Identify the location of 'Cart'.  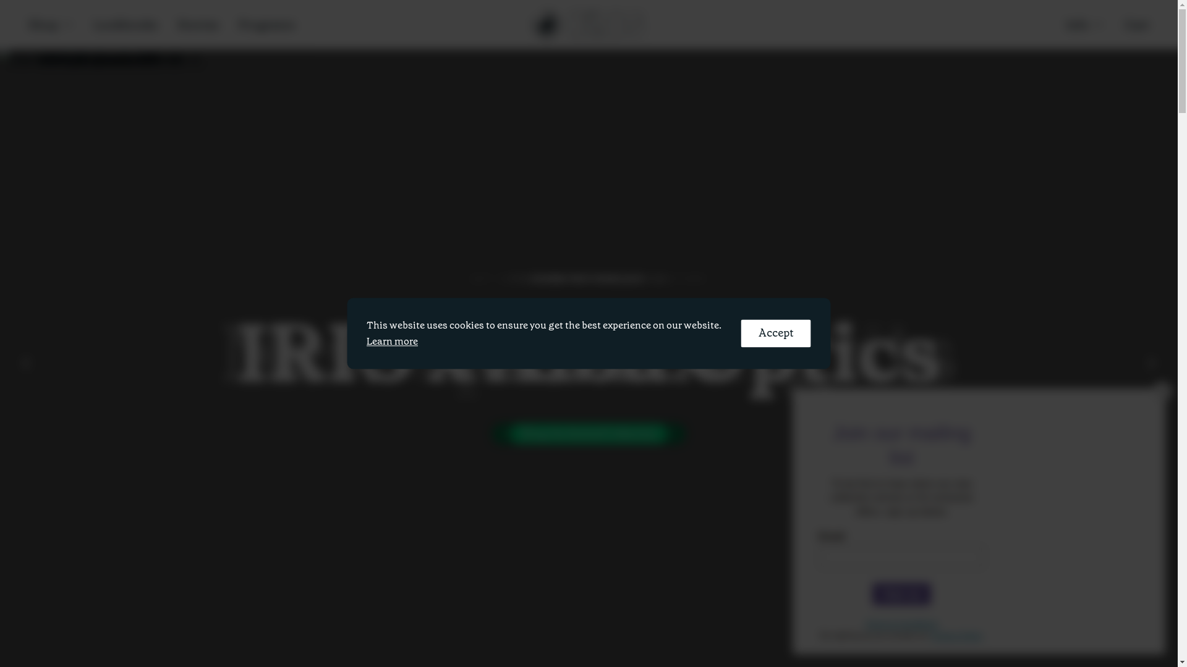
(1136, 24).